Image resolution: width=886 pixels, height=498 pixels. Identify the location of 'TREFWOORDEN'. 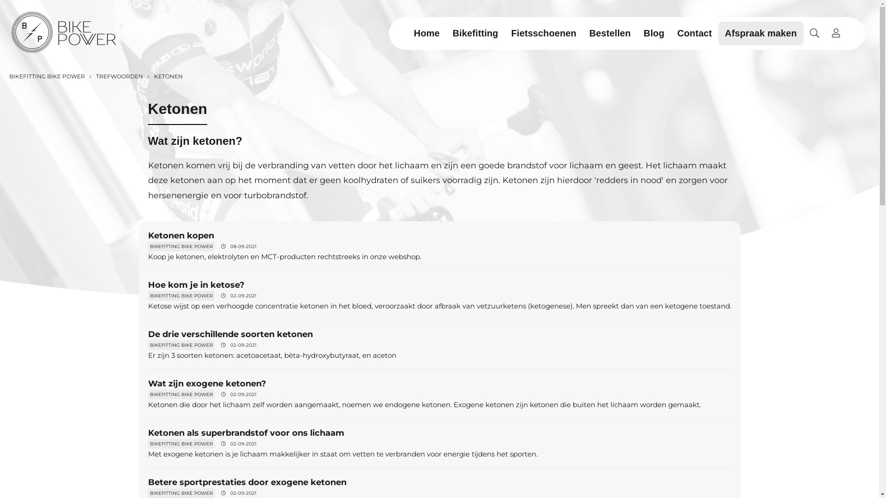
(118, 76).